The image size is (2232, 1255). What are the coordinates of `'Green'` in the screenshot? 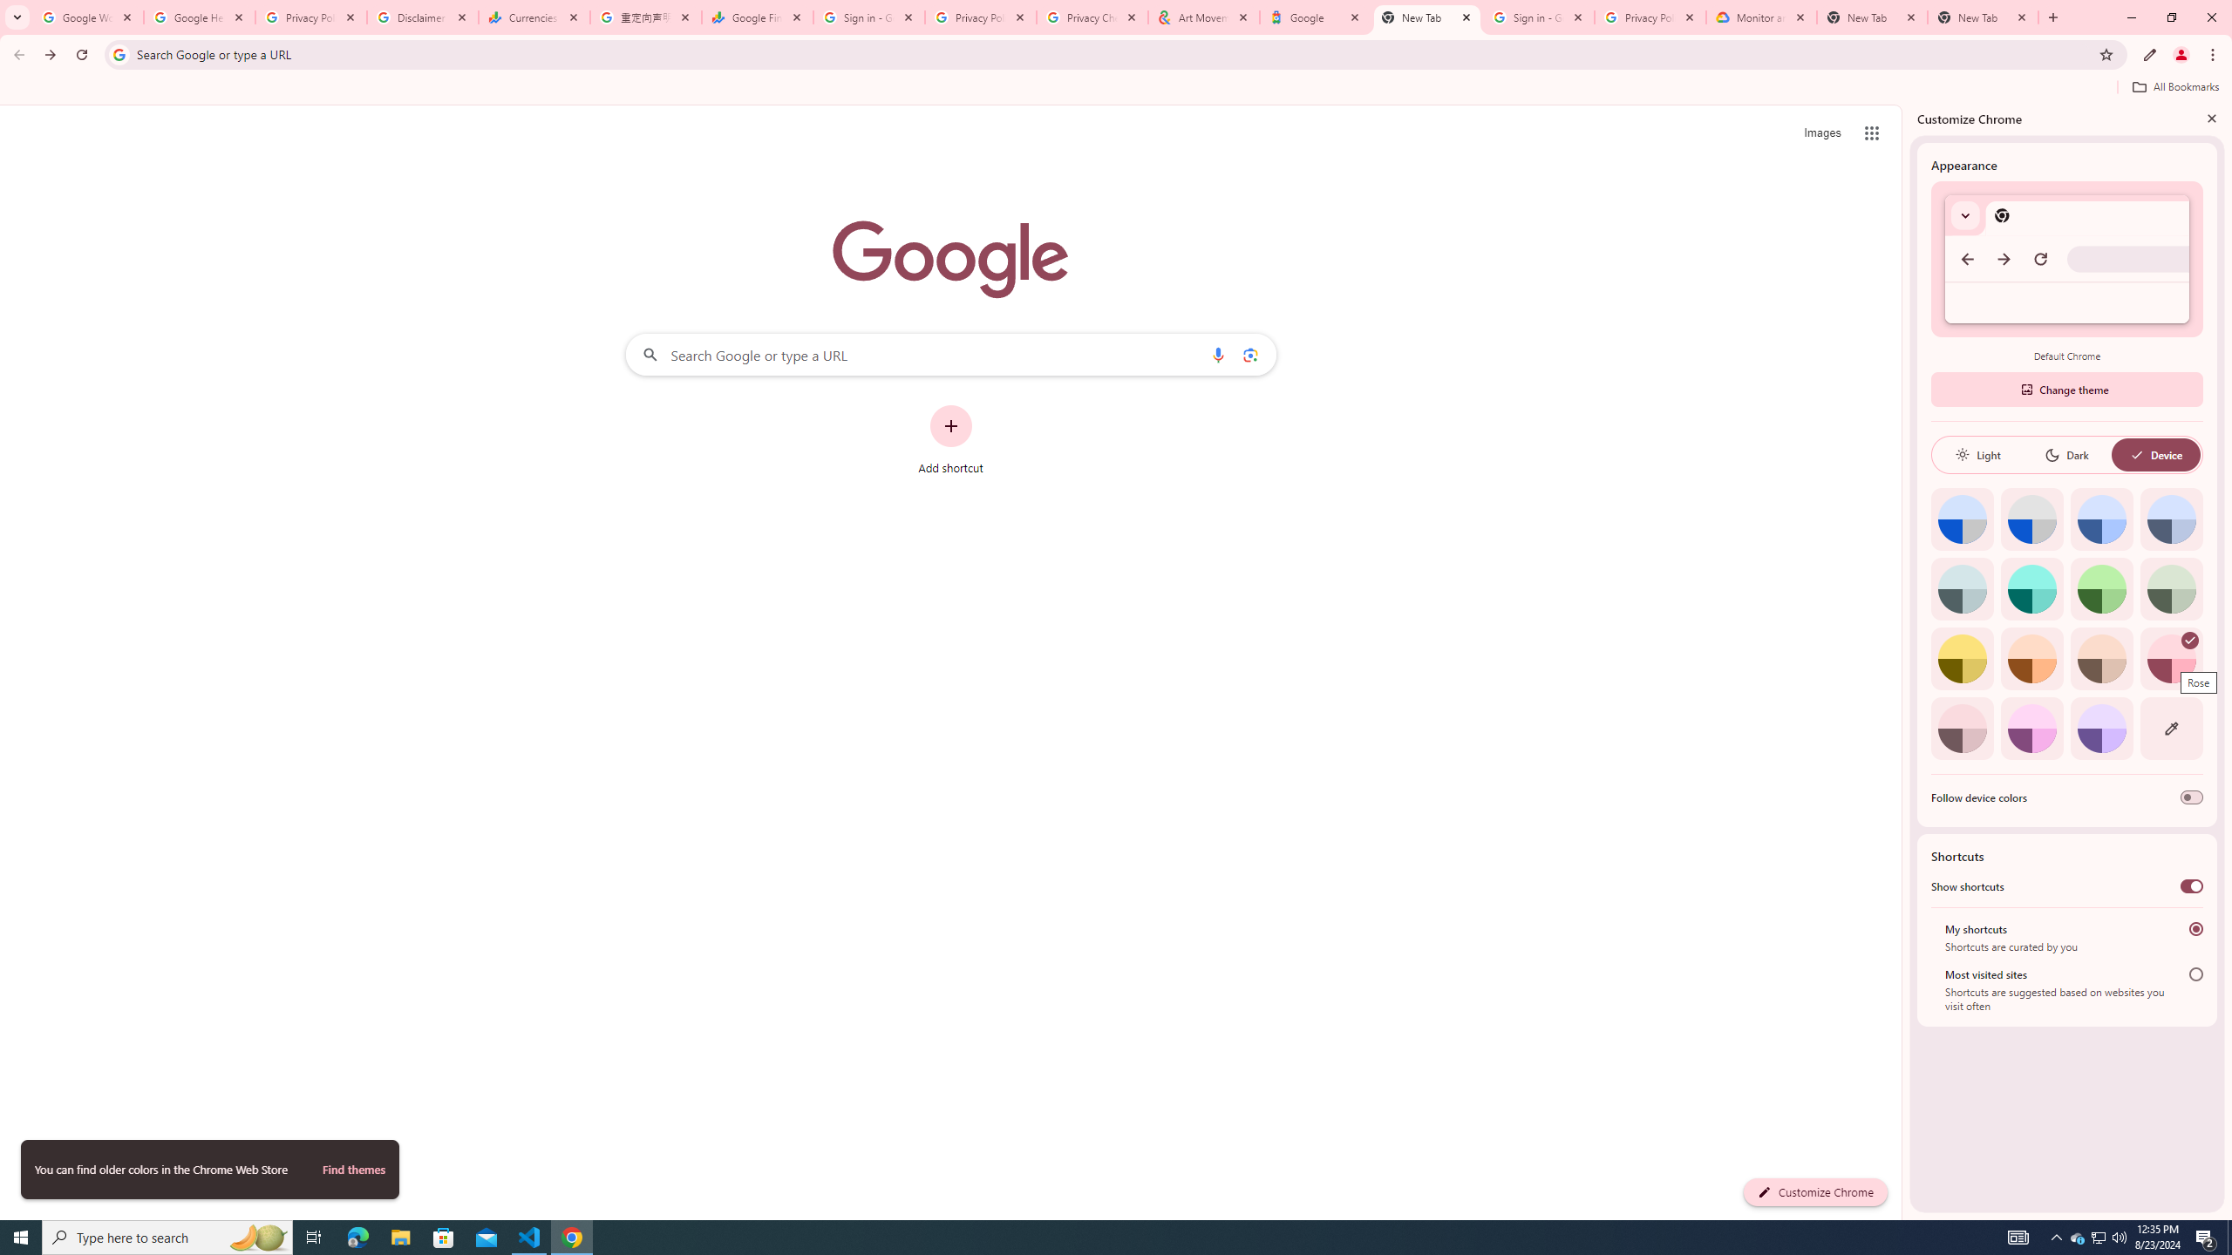 It's located at (2101, 587).